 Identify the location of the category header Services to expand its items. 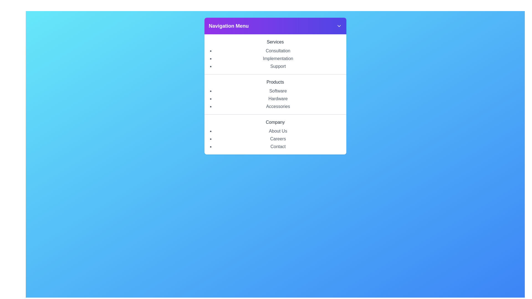
(275, 42).